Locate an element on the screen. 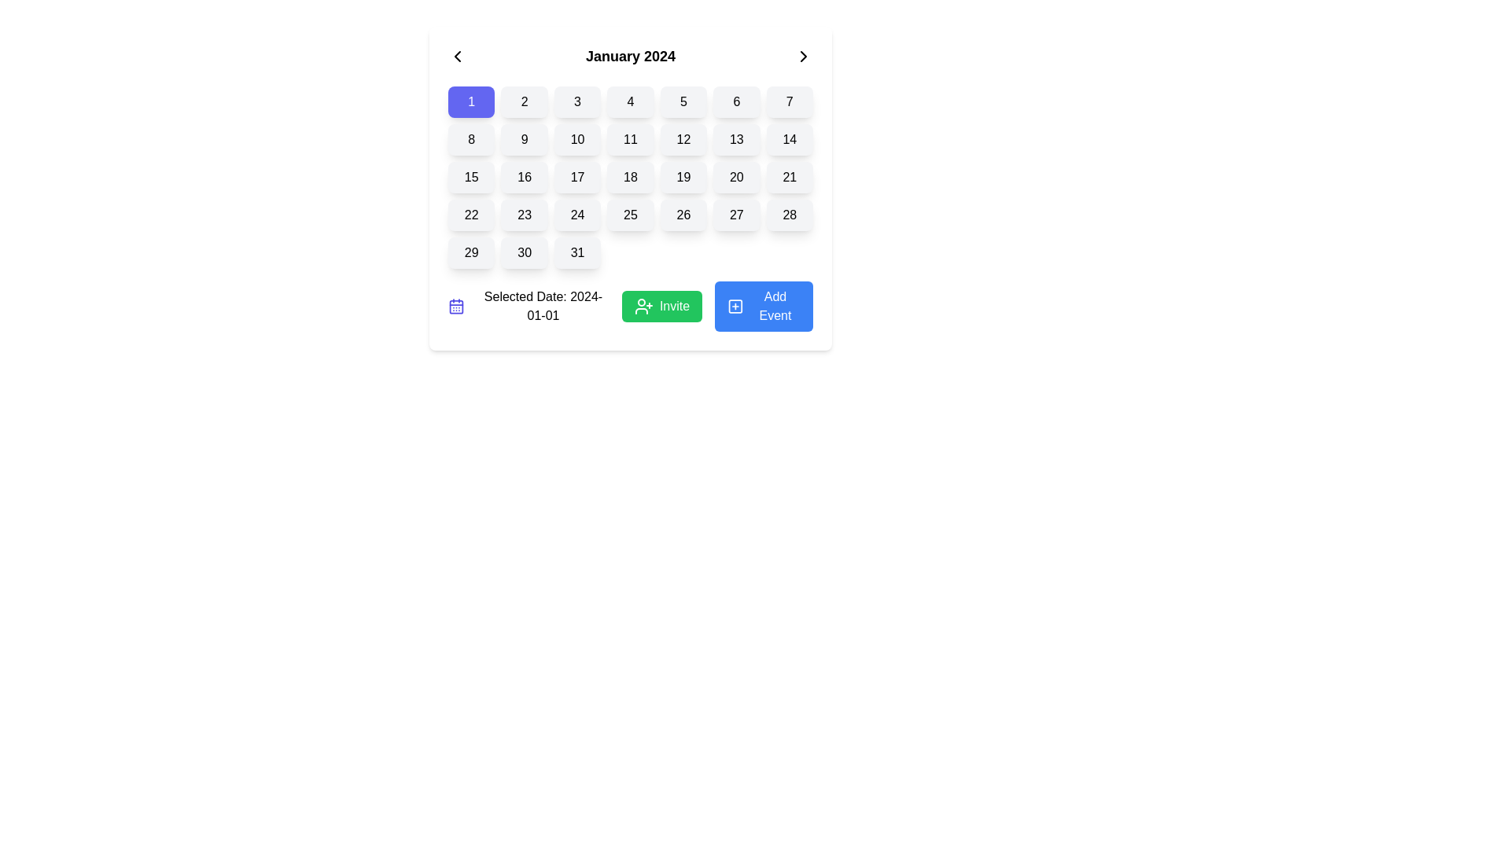  the 7th day button in the calendar interface is located at coordinates (789, 102).